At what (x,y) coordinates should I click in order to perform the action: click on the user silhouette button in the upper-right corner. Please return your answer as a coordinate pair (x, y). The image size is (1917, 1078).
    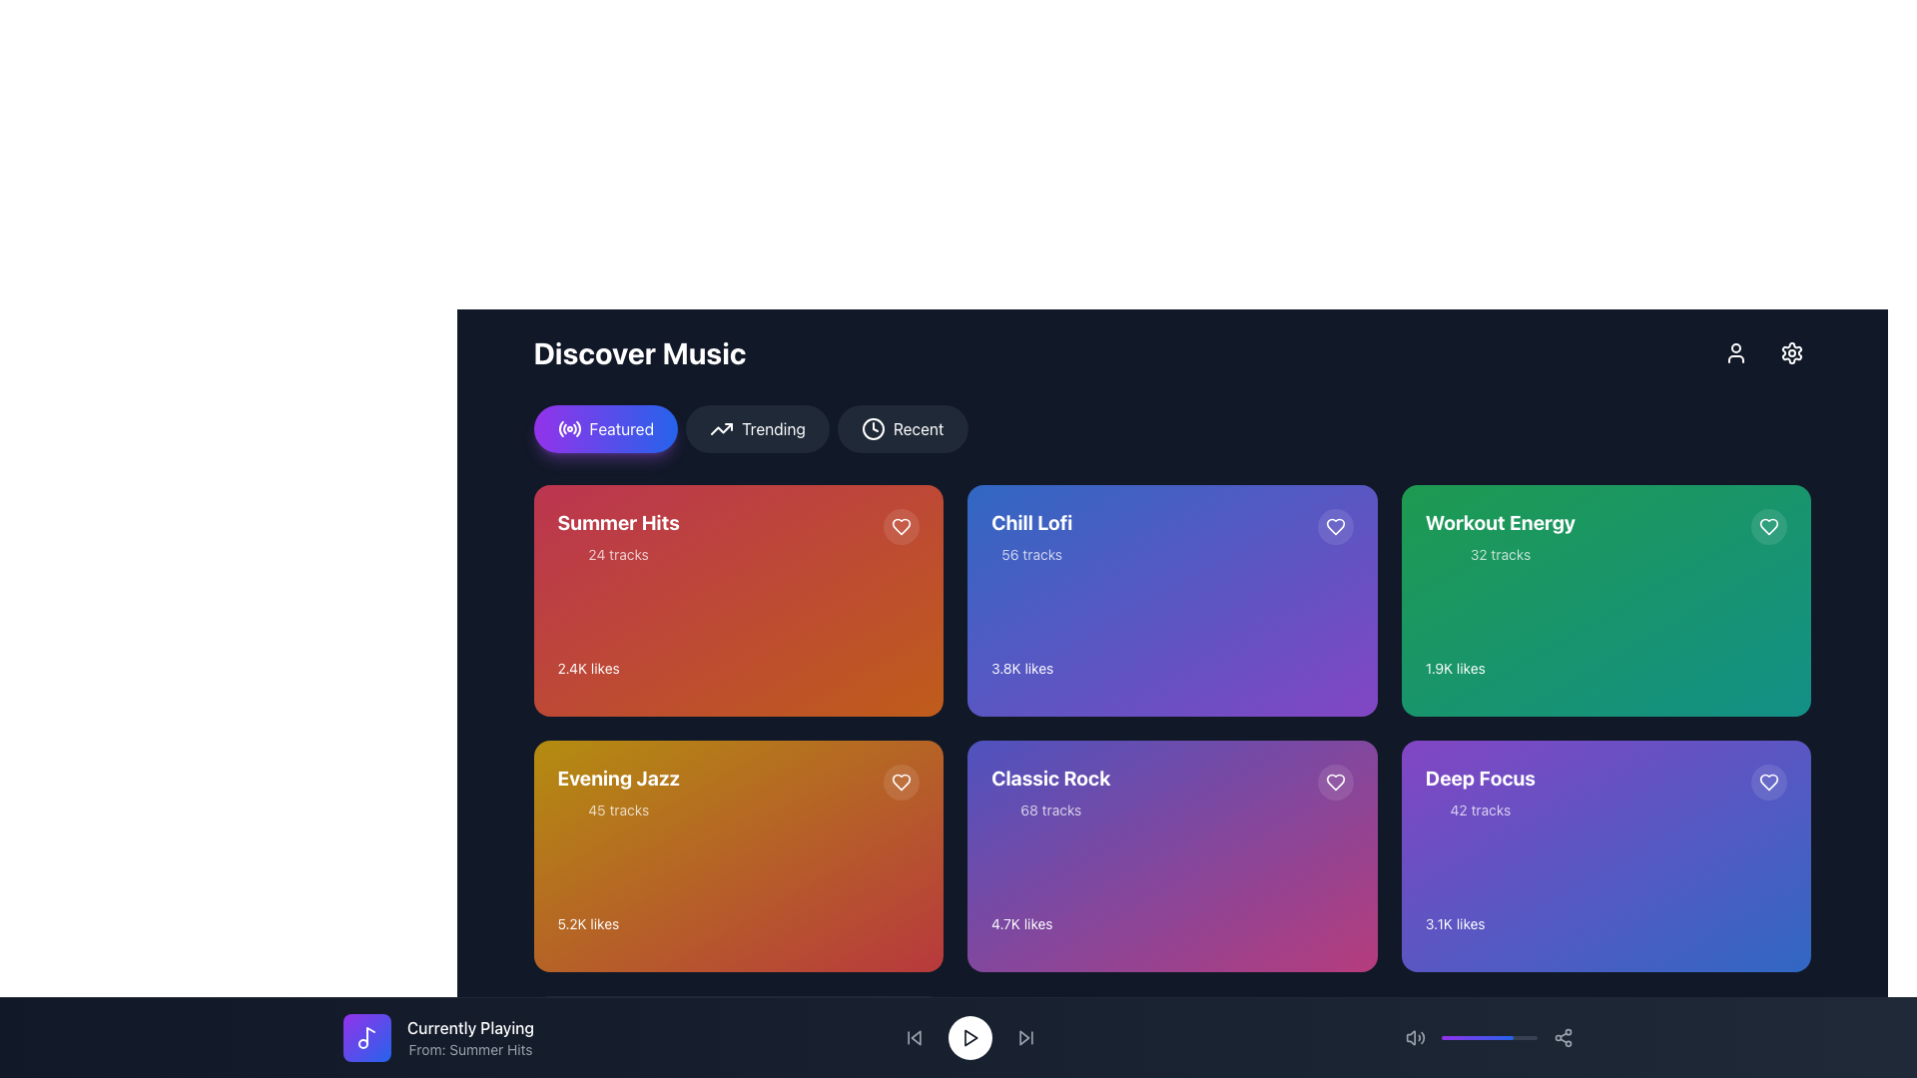
    Looking at the image, I should click on (1734, 352).